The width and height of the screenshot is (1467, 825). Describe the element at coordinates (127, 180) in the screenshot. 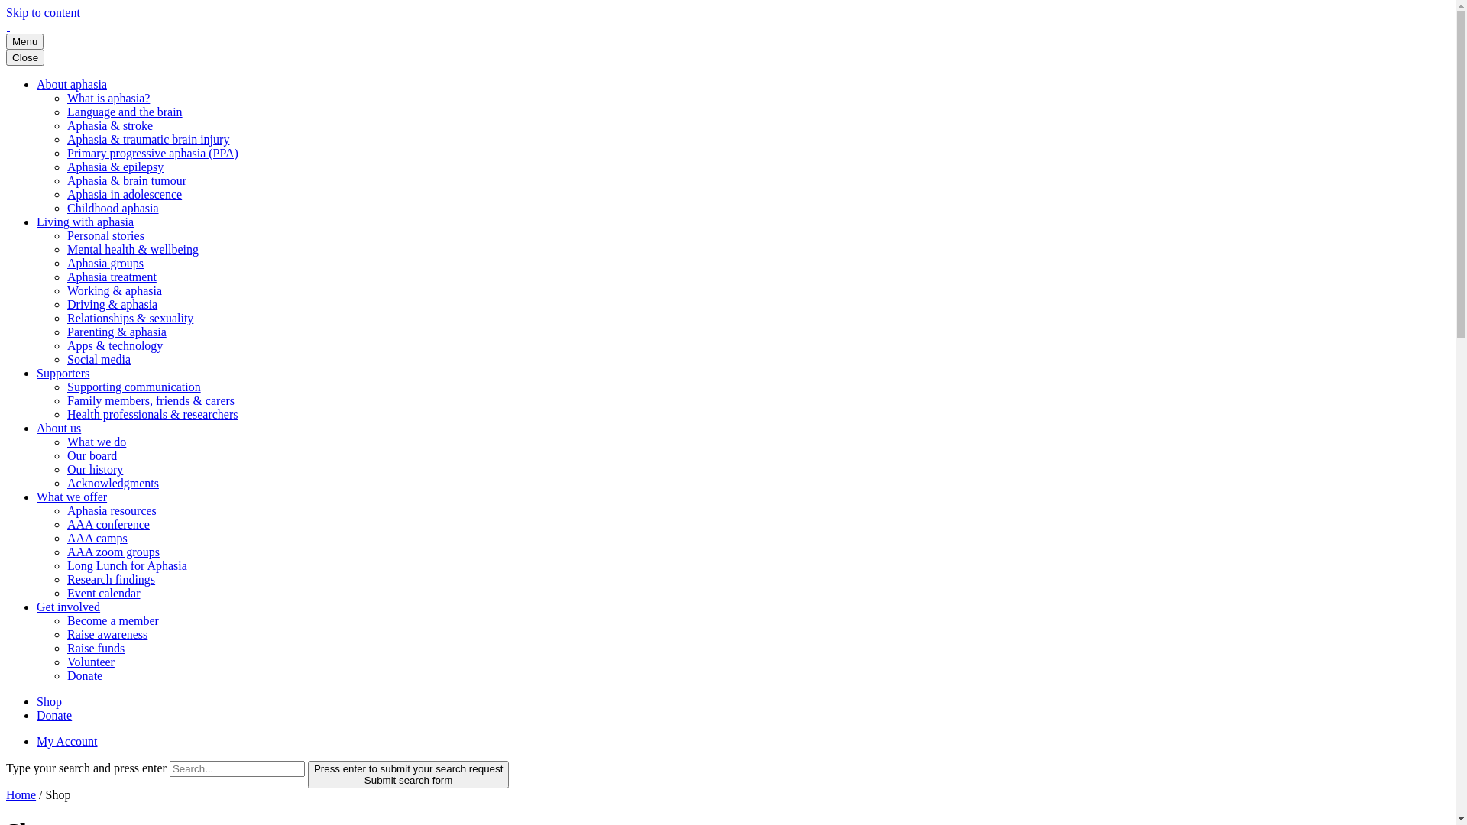

I see `'Aphasia & brain tumour'` at that location.